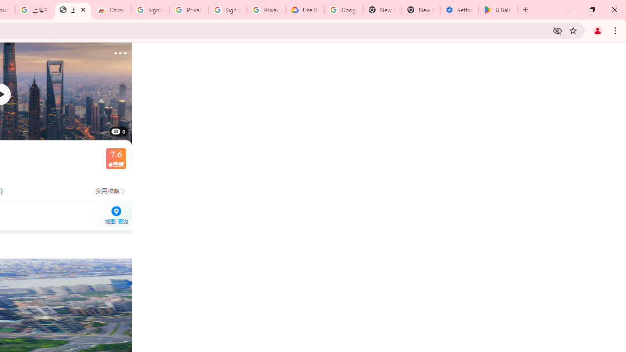 The width and height of the screenshot is (626, 352). What do you see at coordinates (459, 10) in the screenshot?
I see `'Settings - System'` at bounding box center [459, 10].